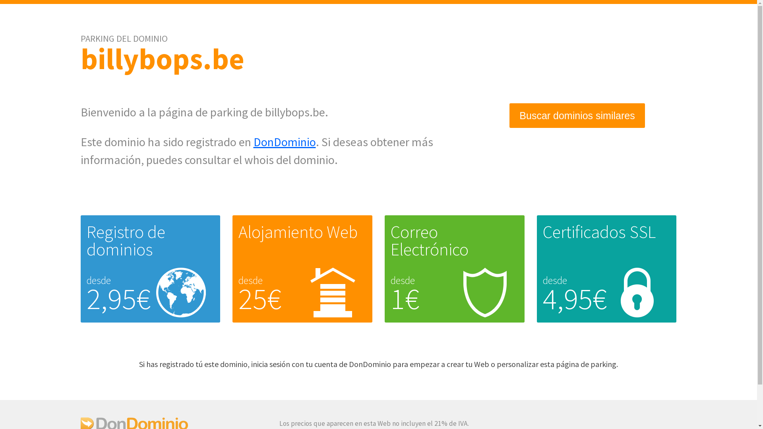 This screenshot has height=429, width=763. Describe the element at coordinates (577, 116) in the screenshot. I see `'Buscar dominios similares'` at that location.